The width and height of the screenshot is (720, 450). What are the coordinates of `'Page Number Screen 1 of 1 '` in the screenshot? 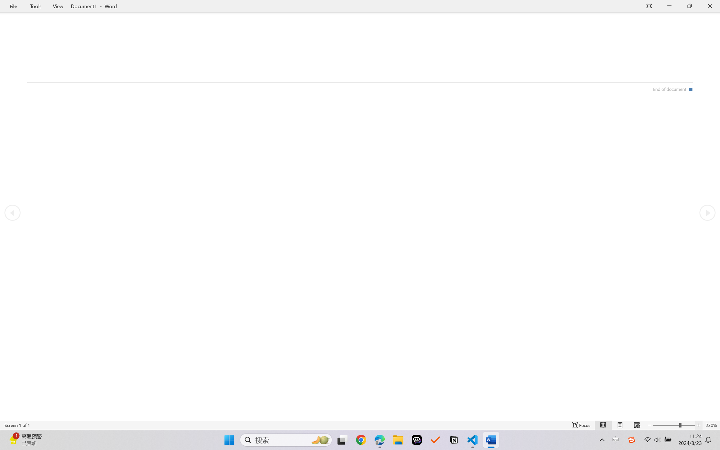 It's located at (17, 425).